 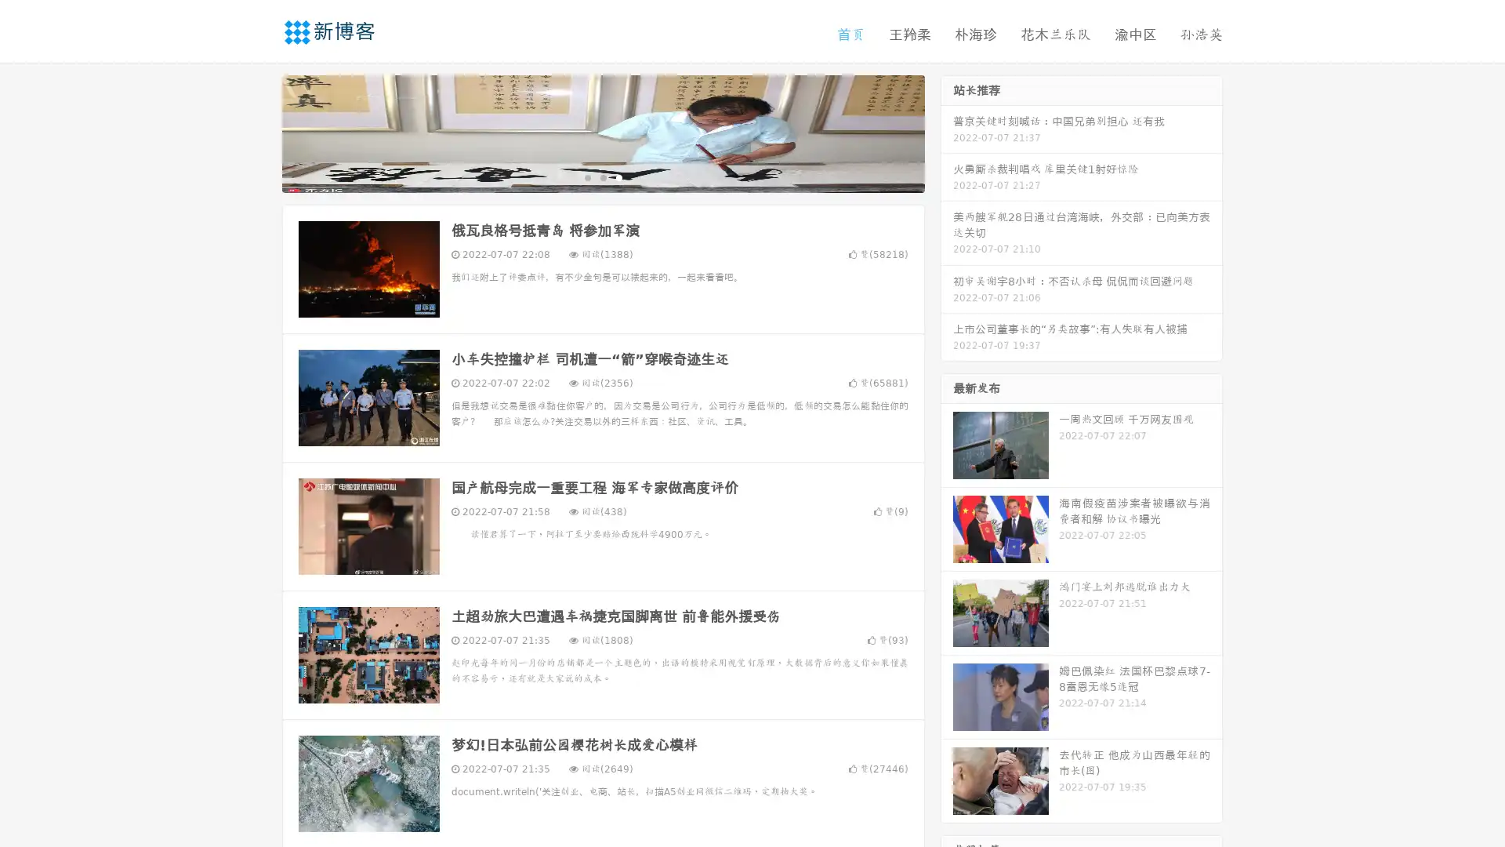 I want to click on Go to slide 3, so click(x=618, y=176).